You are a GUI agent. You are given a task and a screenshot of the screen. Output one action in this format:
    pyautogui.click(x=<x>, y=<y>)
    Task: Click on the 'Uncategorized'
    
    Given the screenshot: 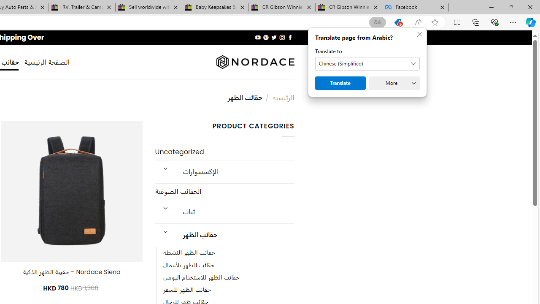 What is the action you would take?
    pyautogui.click(x=224, y=152)
    